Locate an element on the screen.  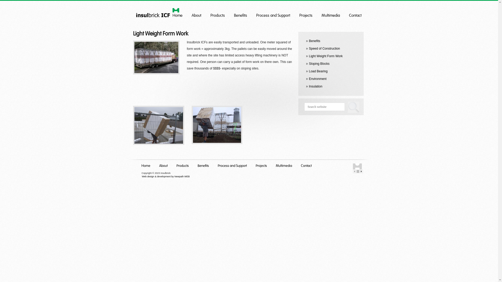
'Multimedia' is located at coordinates (330, 14).